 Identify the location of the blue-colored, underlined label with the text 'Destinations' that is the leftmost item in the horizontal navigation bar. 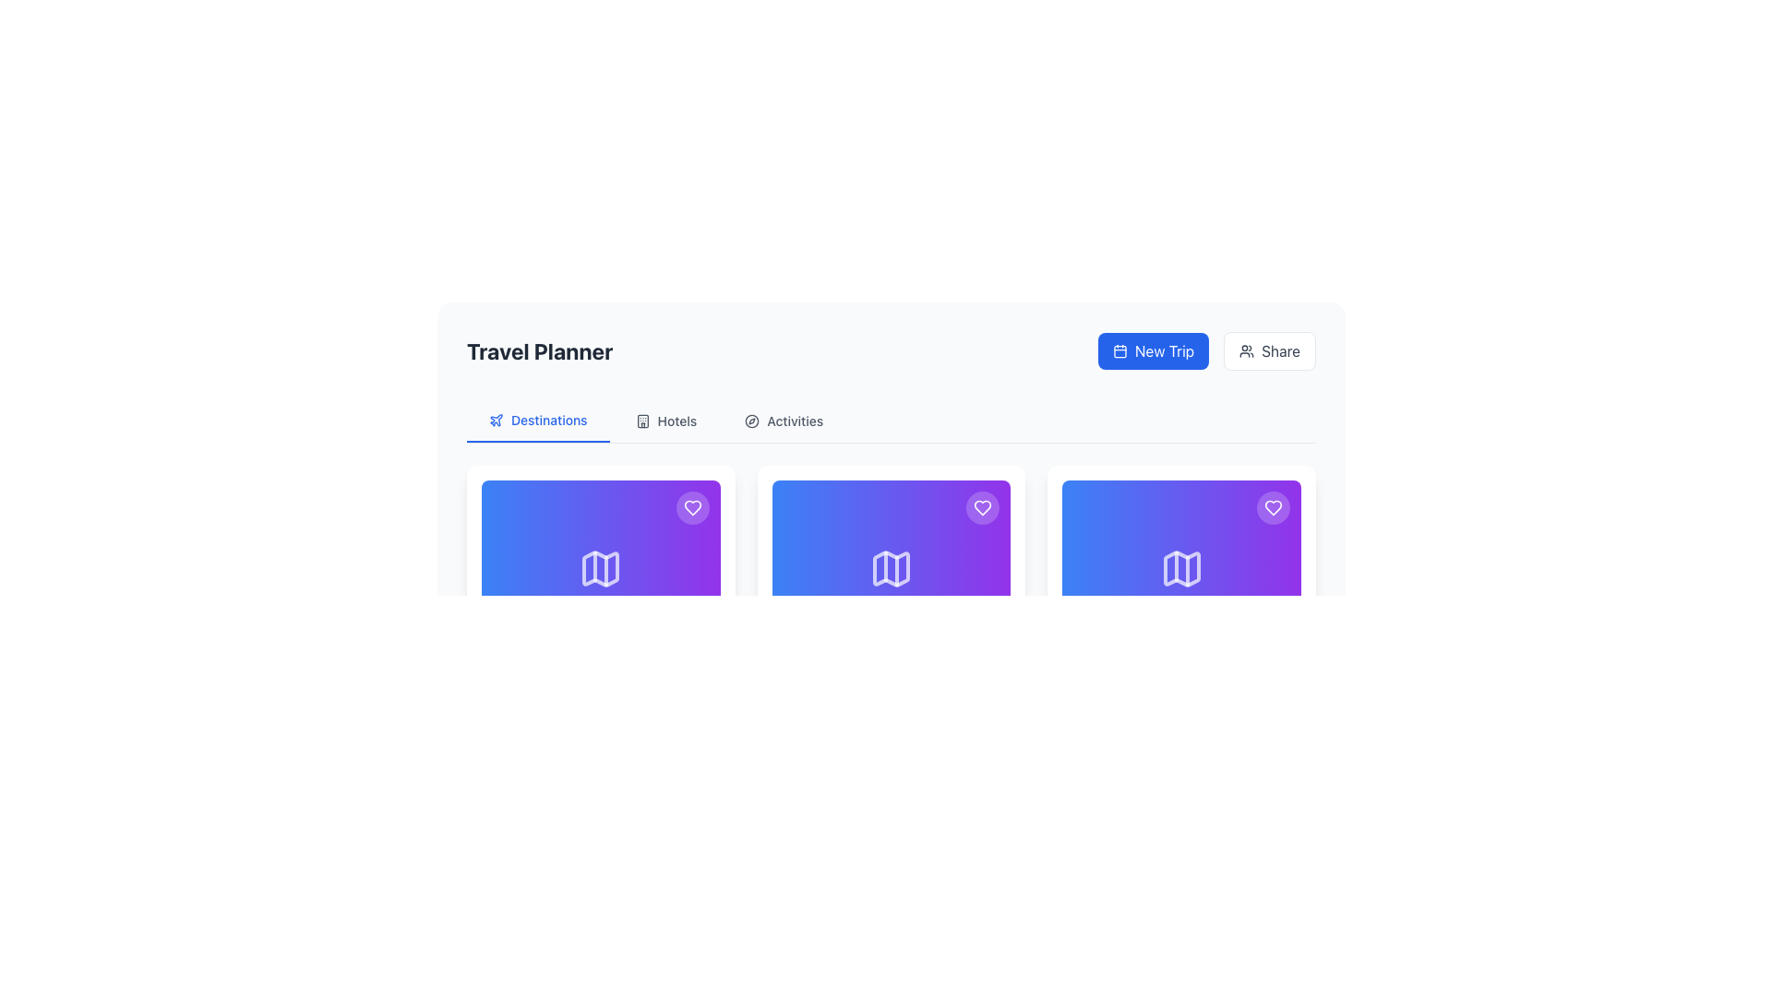
(537, 421).